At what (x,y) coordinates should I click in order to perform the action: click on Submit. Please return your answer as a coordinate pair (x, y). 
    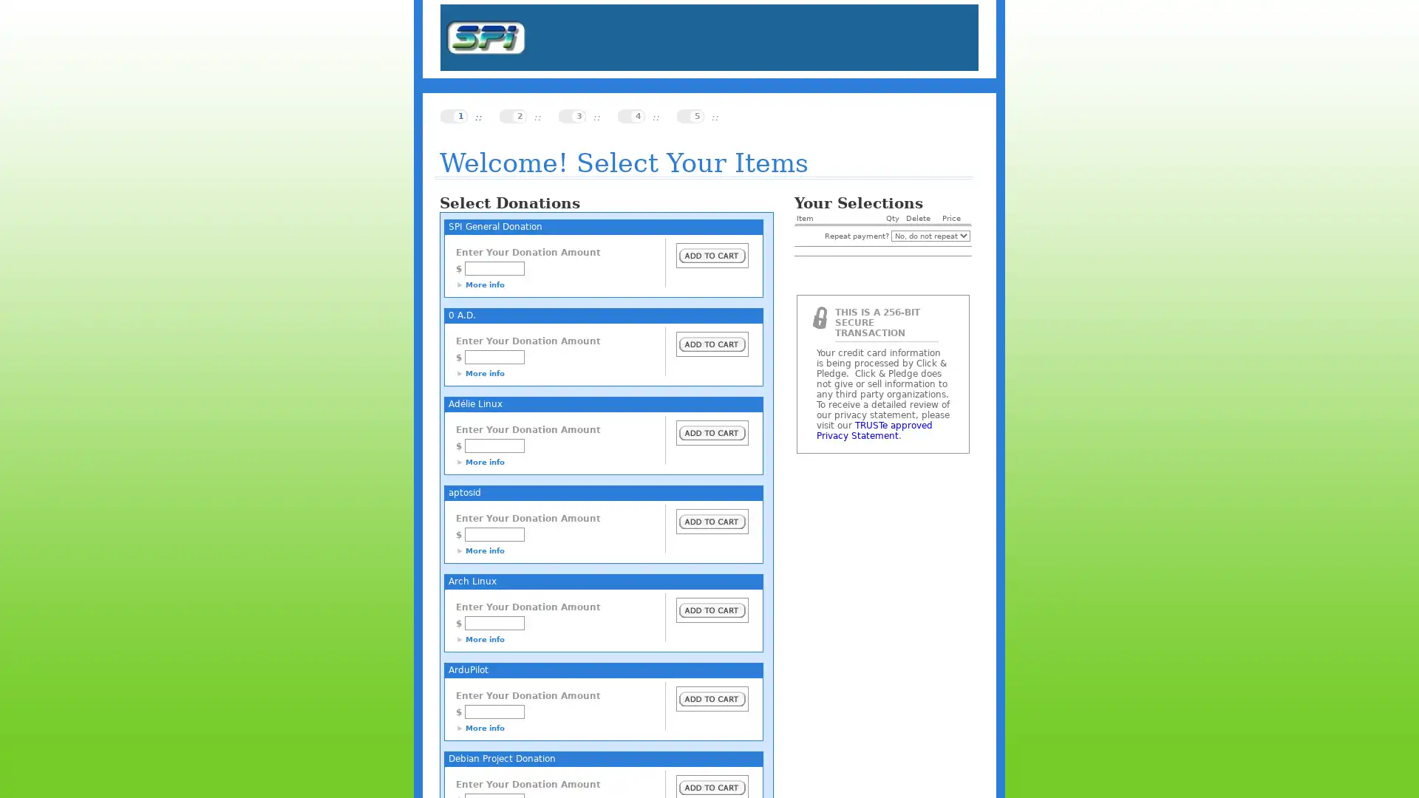
    Looking at the image, I should click on (712, 344).